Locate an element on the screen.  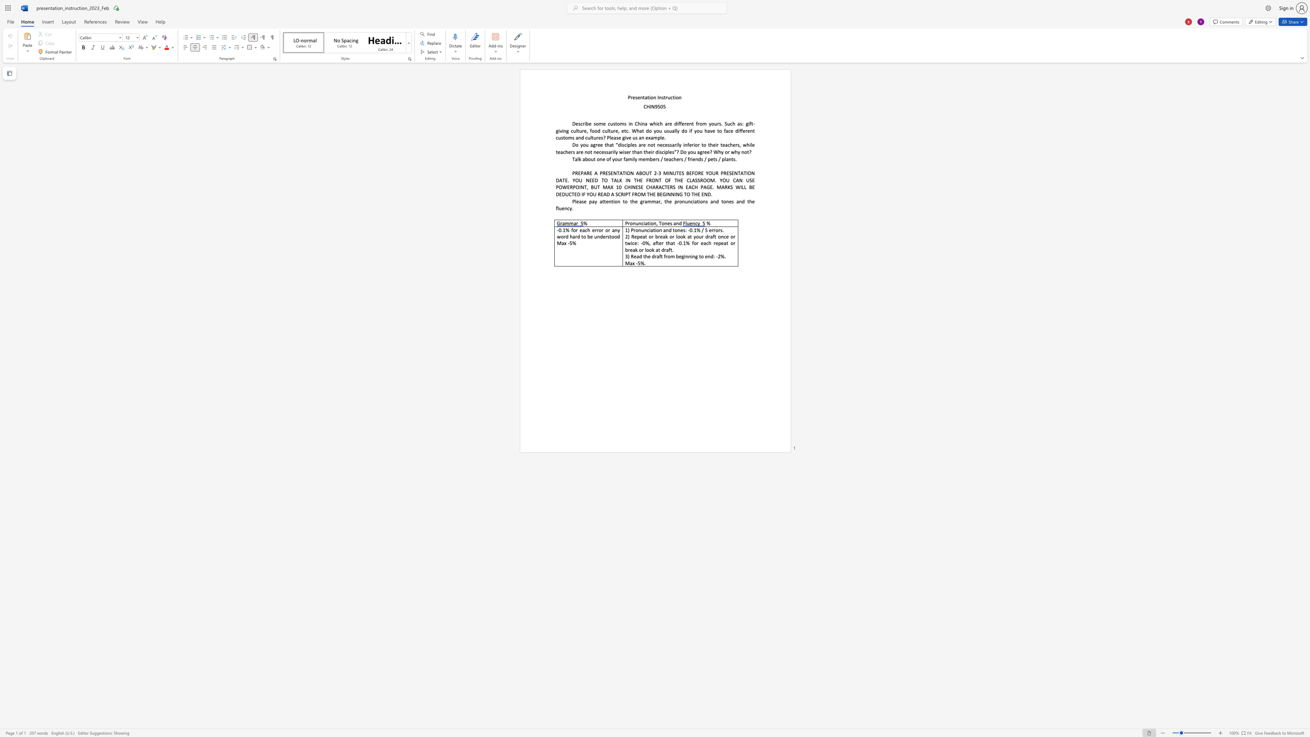
the subset text "peat or break or look at draf" within the text "2) Repeat or break or look at your draft once or twice: -0%, after that -0.1% for each repeat or break or look at draft." is located at coordinates (718, 243).